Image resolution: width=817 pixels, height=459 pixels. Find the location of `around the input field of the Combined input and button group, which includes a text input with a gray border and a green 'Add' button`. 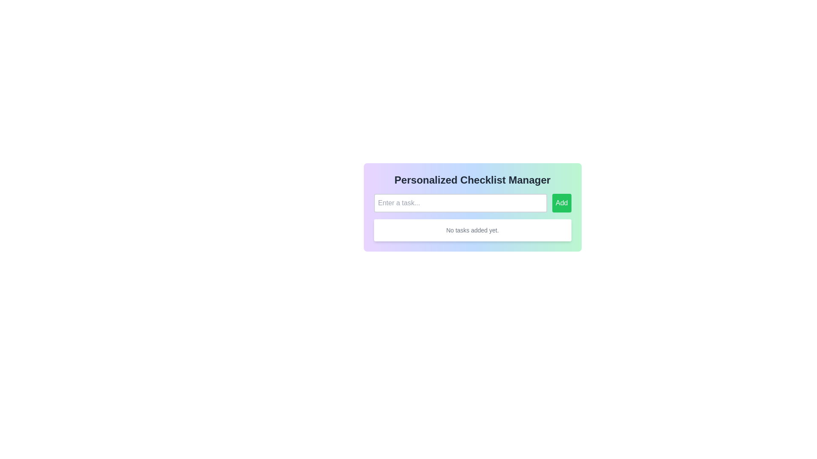

around the input field of the Combined input and button group, which includes a text input with a gray border and a green 'Add' button is located at coordinates (472, 203).